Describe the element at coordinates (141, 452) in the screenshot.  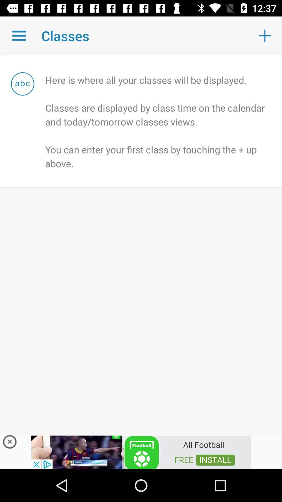
I see `advertisement website` at that location.